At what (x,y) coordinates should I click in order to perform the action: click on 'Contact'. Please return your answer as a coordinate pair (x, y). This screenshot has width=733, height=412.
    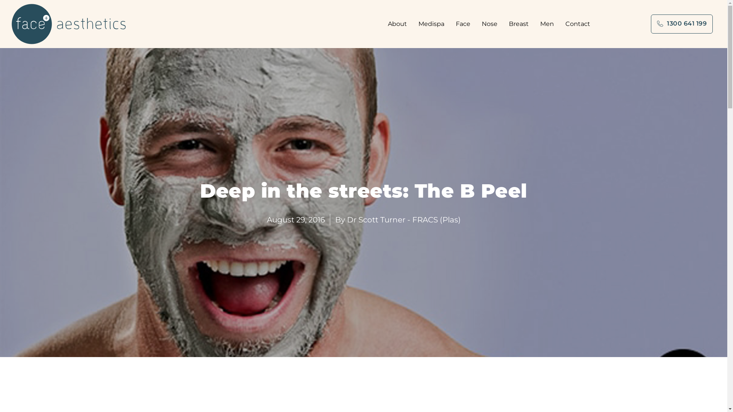
    Looking at the image, I should click on (578, 23).